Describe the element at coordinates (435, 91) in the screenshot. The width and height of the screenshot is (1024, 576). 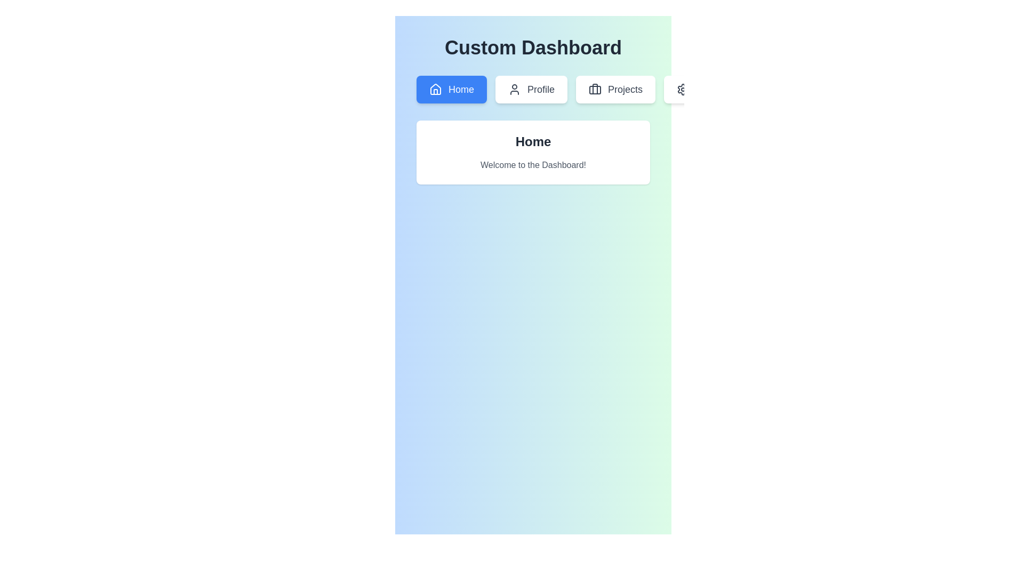
I see `the vertical rectangle resembling a door within the house icon in the 'Home' button located at the top left of the interface` at that location.